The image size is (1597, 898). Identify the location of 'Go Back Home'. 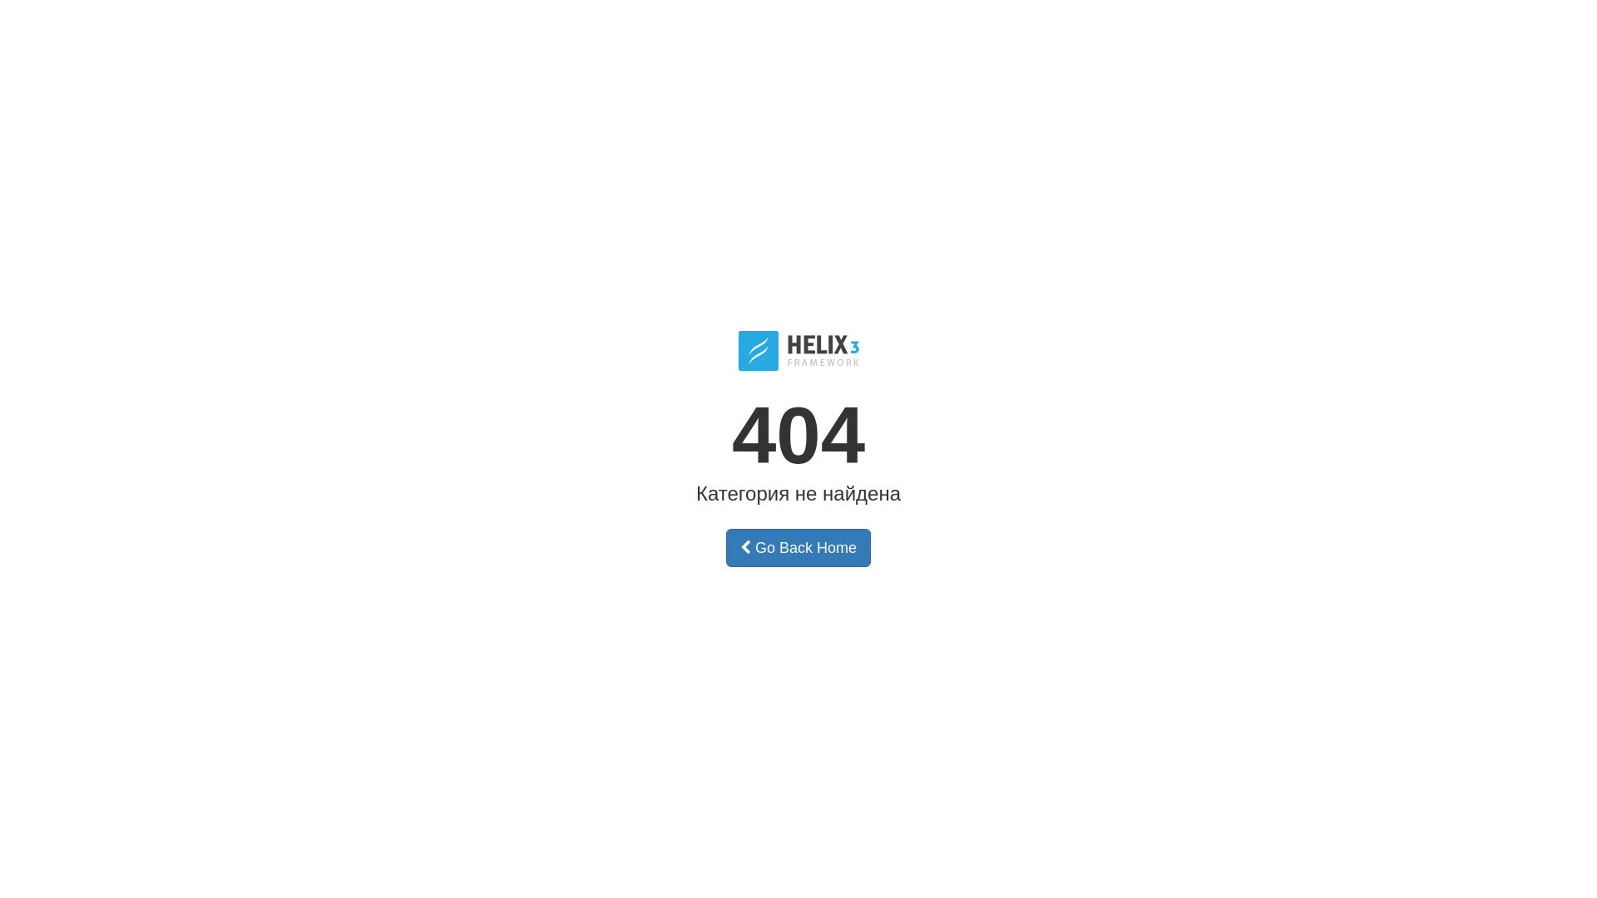
(726, 548).